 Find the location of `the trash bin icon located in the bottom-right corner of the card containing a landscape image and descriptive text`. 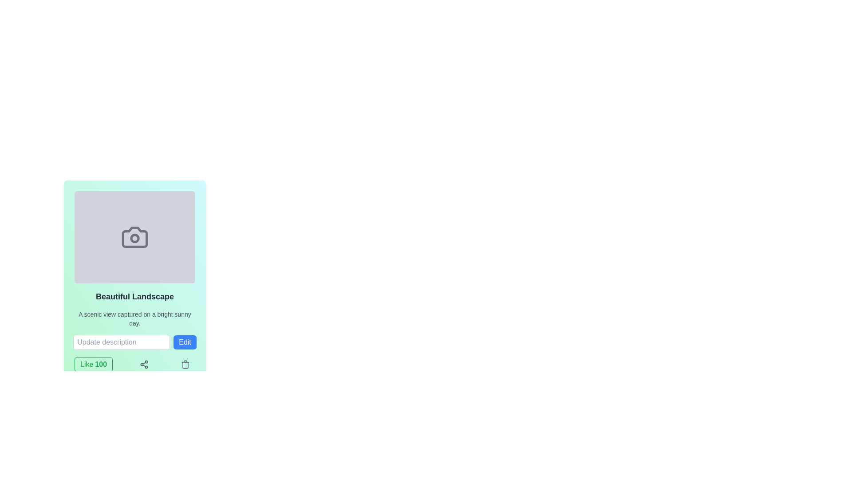

the trash bin icon located in the bottom-right corner of the card containing a landscape image and descriptive text is located at coordinates (185, 364).